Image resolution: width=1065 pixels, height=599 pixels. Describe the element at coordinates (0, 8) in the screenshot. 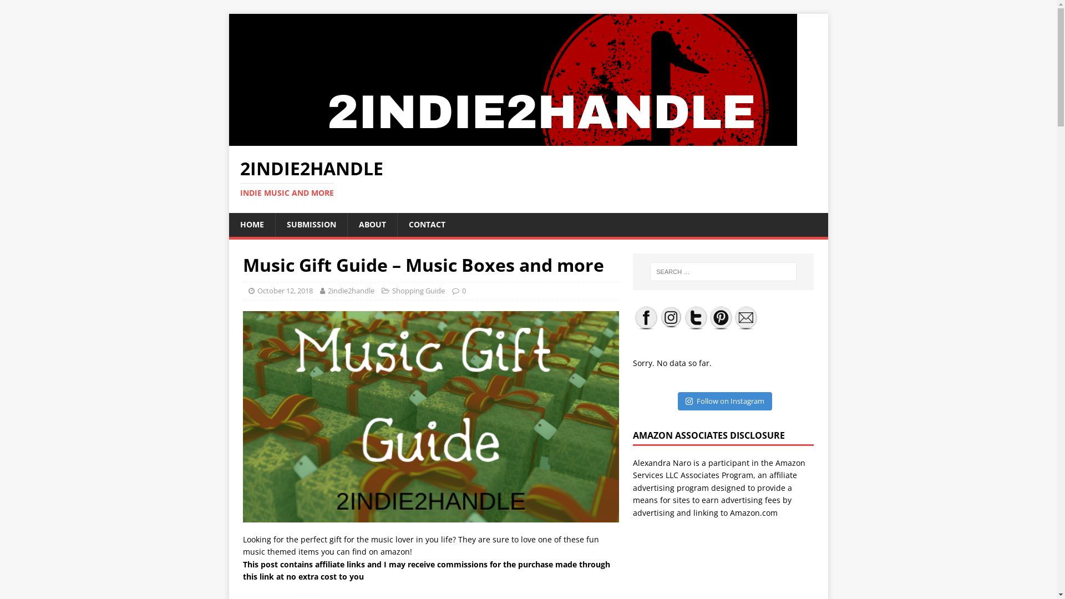

I see `'Search'` at that location.